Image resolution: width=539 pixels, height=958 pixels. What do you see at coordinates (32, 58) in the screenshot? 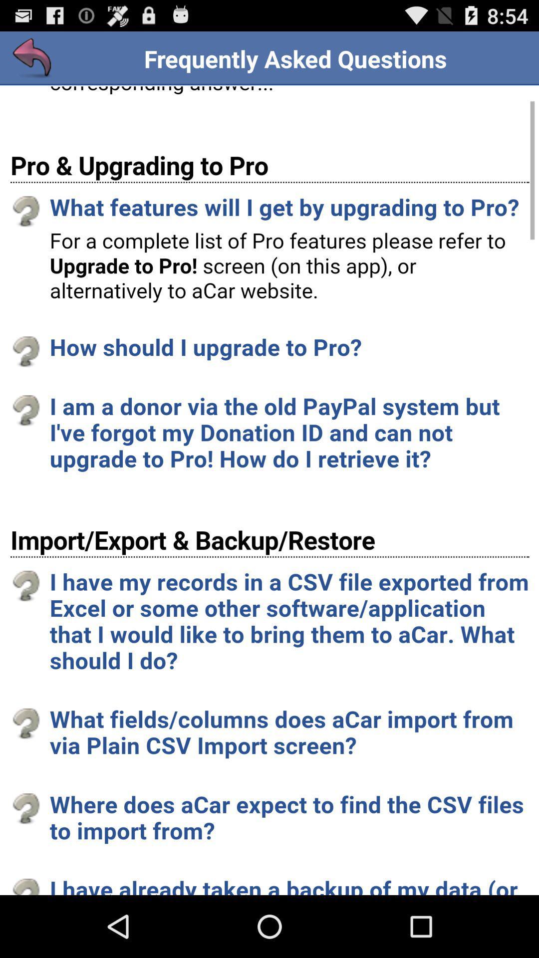
I see `back button` at bounding box center [32, 58].